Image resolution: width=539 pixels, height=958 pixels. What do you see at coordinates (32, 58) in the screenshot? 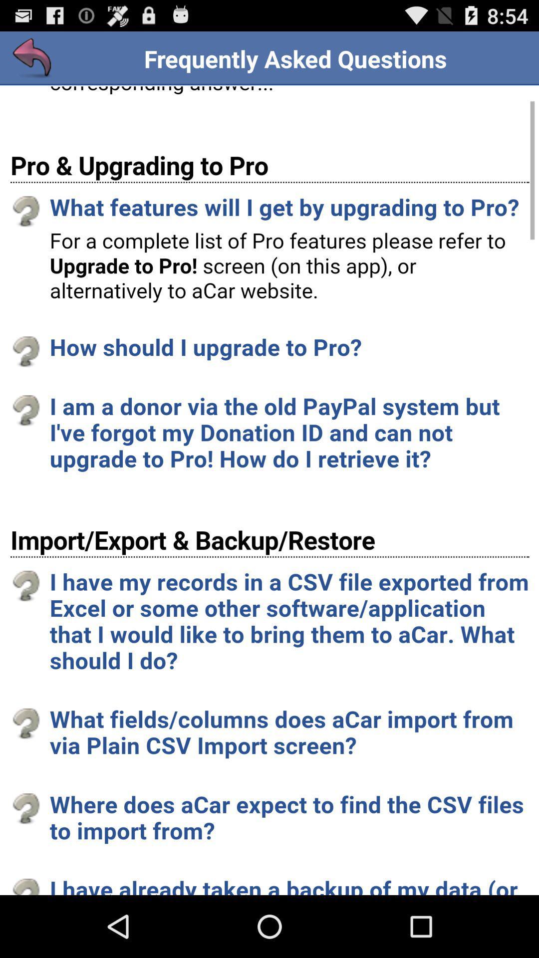
I see `back button` at bounding box center [32, 58].